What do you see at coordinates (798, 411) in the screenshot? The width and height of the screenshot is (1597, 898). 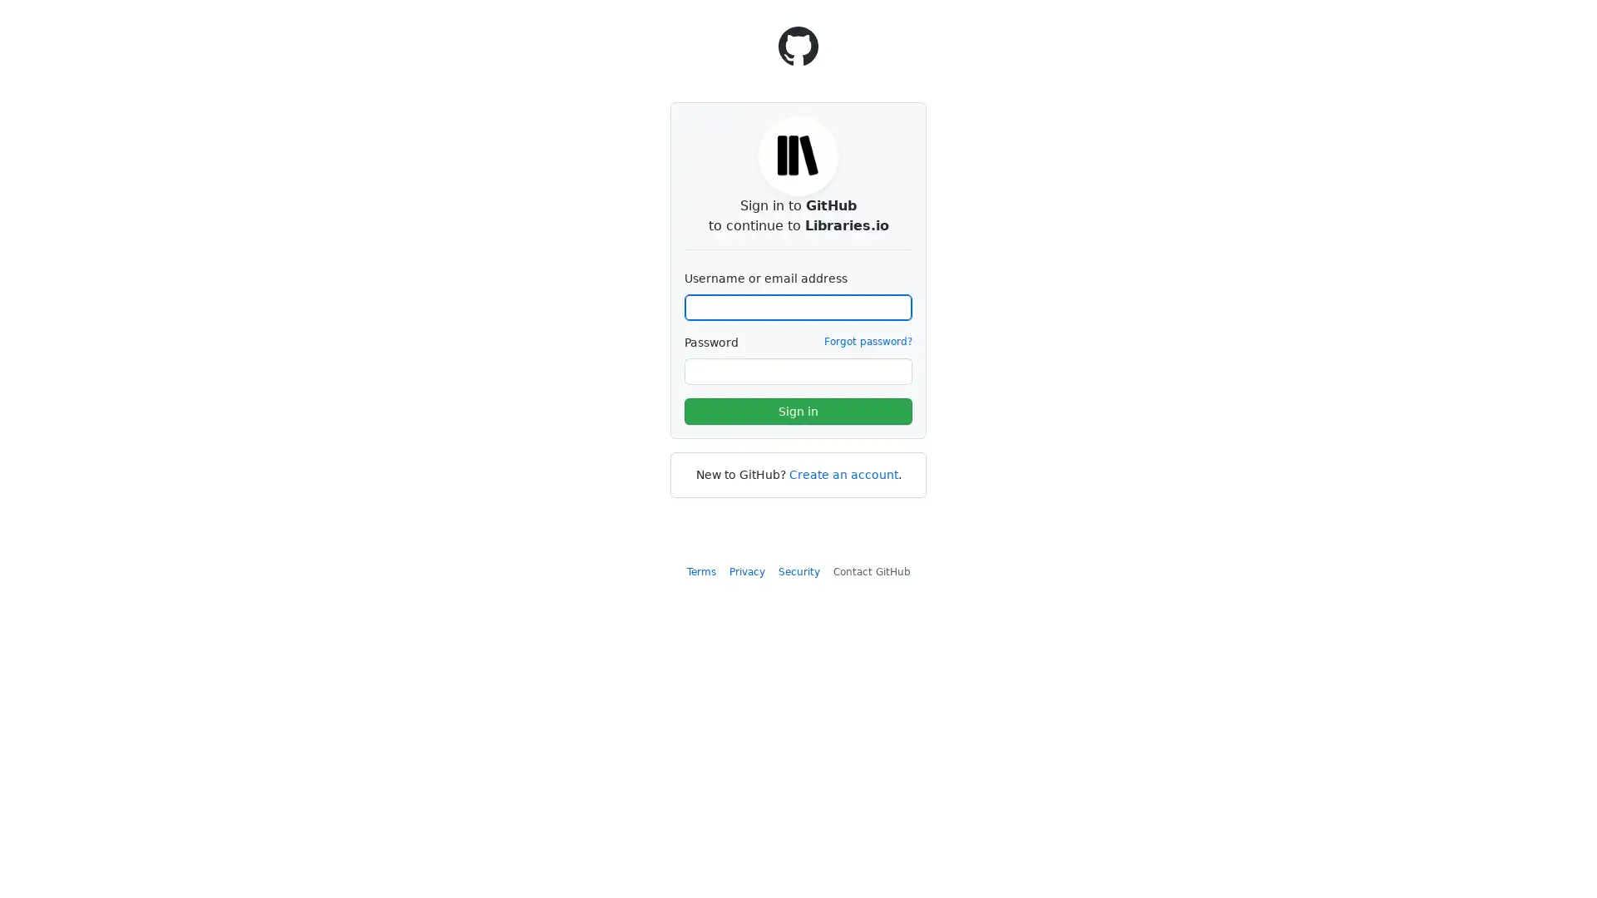 I see `Sign in` at bounding box center [798, 411].